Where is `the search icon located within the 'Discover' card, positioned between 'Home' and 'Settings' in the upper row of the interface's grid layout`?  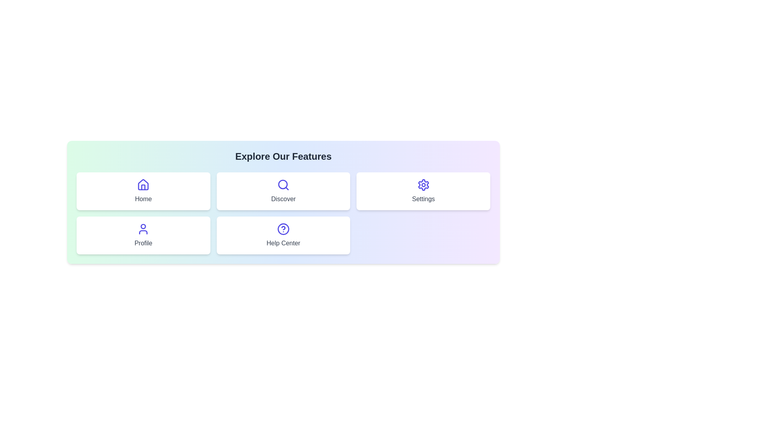
the search icon located within the 'Discover' card, positioned between 'Home' and 'Settings' in the upper row of the interface's grid layout is located at coordinates (283, 185).